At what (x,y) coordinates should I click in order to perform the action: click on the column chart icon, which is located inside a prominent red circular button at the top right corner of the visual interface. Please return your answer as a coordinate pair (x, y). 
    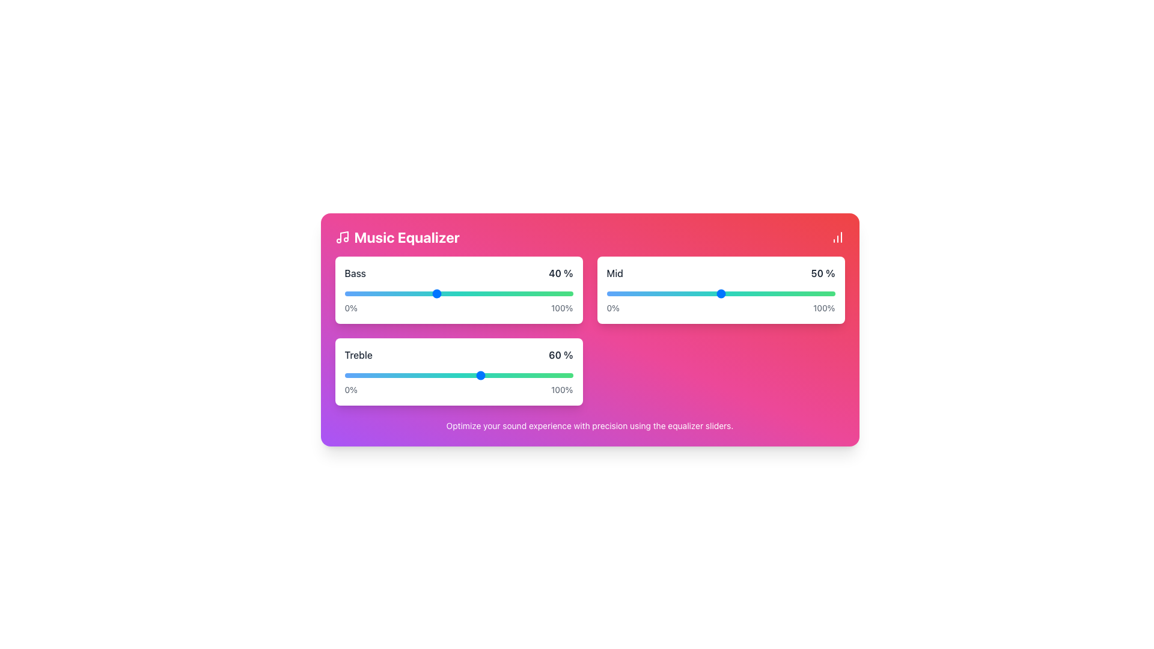
    Looking at the image, I should click on (837, 237).